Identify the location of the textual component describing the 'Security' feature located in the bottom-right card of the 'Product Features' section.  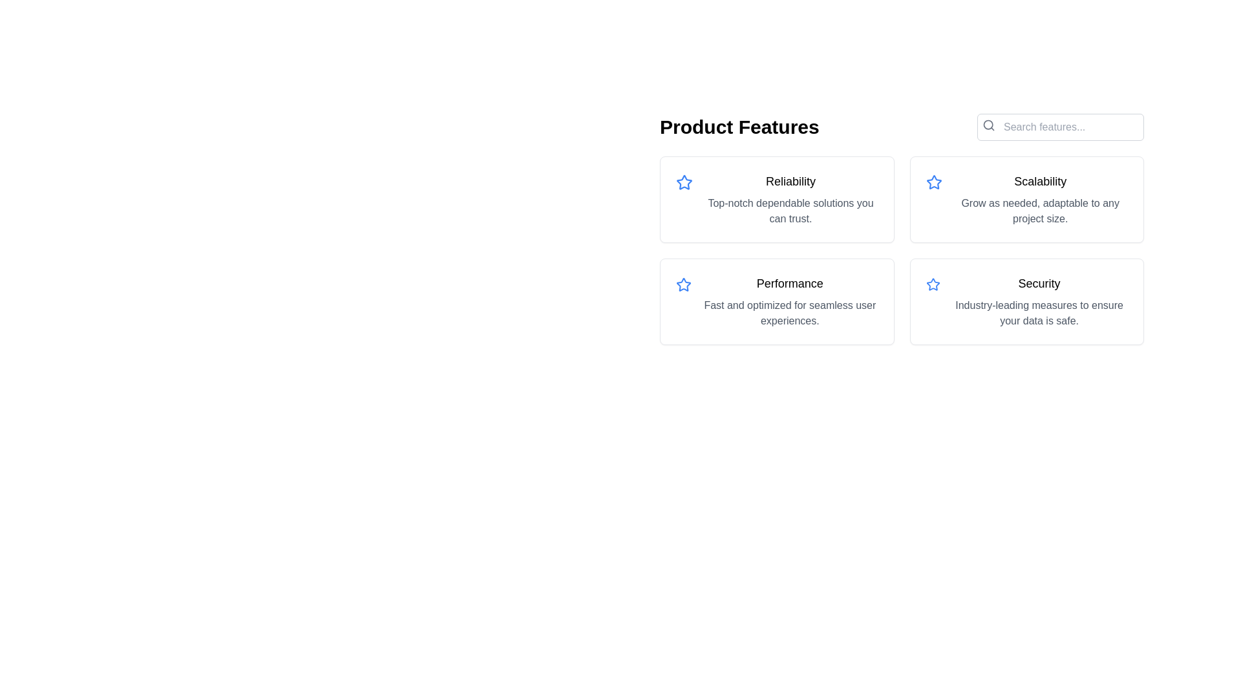
(1039, 301).